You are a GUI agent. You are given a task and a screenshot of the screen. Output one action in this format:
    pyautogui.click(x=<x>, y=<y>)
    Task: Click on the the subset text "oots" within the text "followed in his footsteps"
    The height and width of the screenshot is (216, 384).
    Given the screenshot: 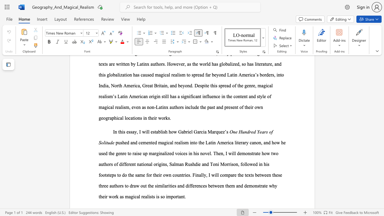 What is the action you would take?
    pyautogui.click(x=100, y=175)
    